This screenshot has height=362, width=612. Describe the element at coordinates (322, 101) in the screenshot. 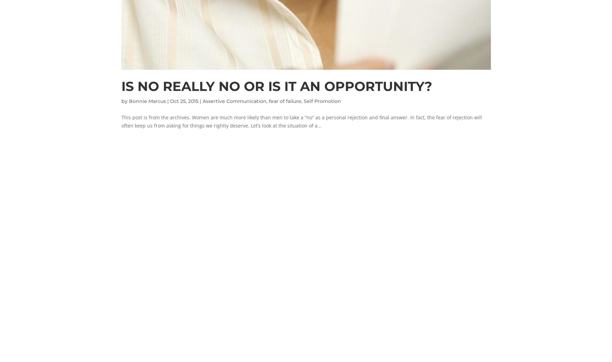

I see `'Self Promotion'` at that location.